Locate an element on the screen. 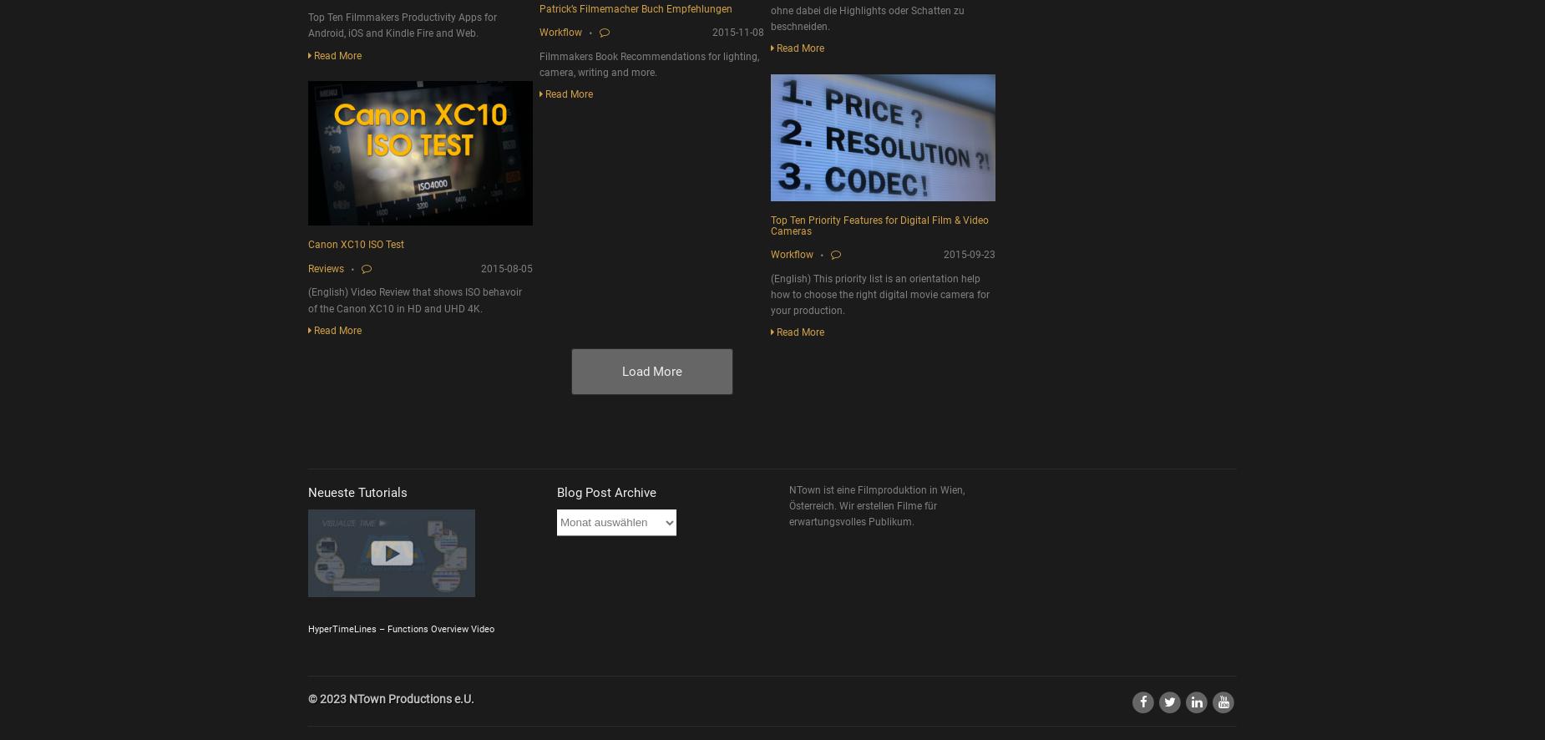 Image resolution: width=1545 pixels, height=740 pixels. '2015-08-05' is located at coordinates (506, 266).